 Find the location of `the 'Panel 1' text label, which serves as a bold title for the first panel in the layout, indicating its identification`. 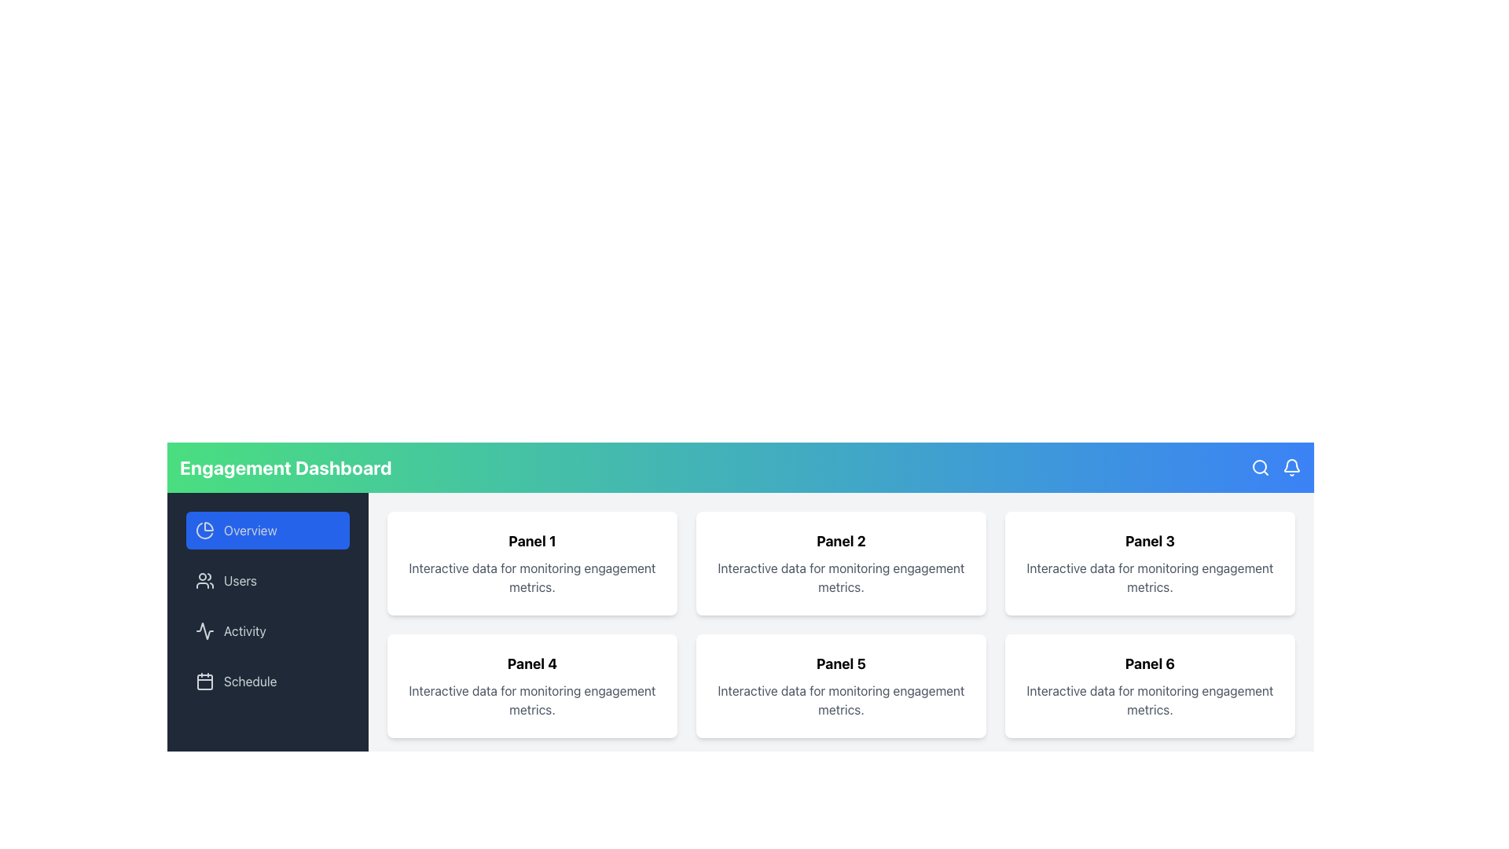

the 'Panel 1' text label, which serves as a bold title for the first panel in the layout, indicating its identification is located at coordinates (532, 541).